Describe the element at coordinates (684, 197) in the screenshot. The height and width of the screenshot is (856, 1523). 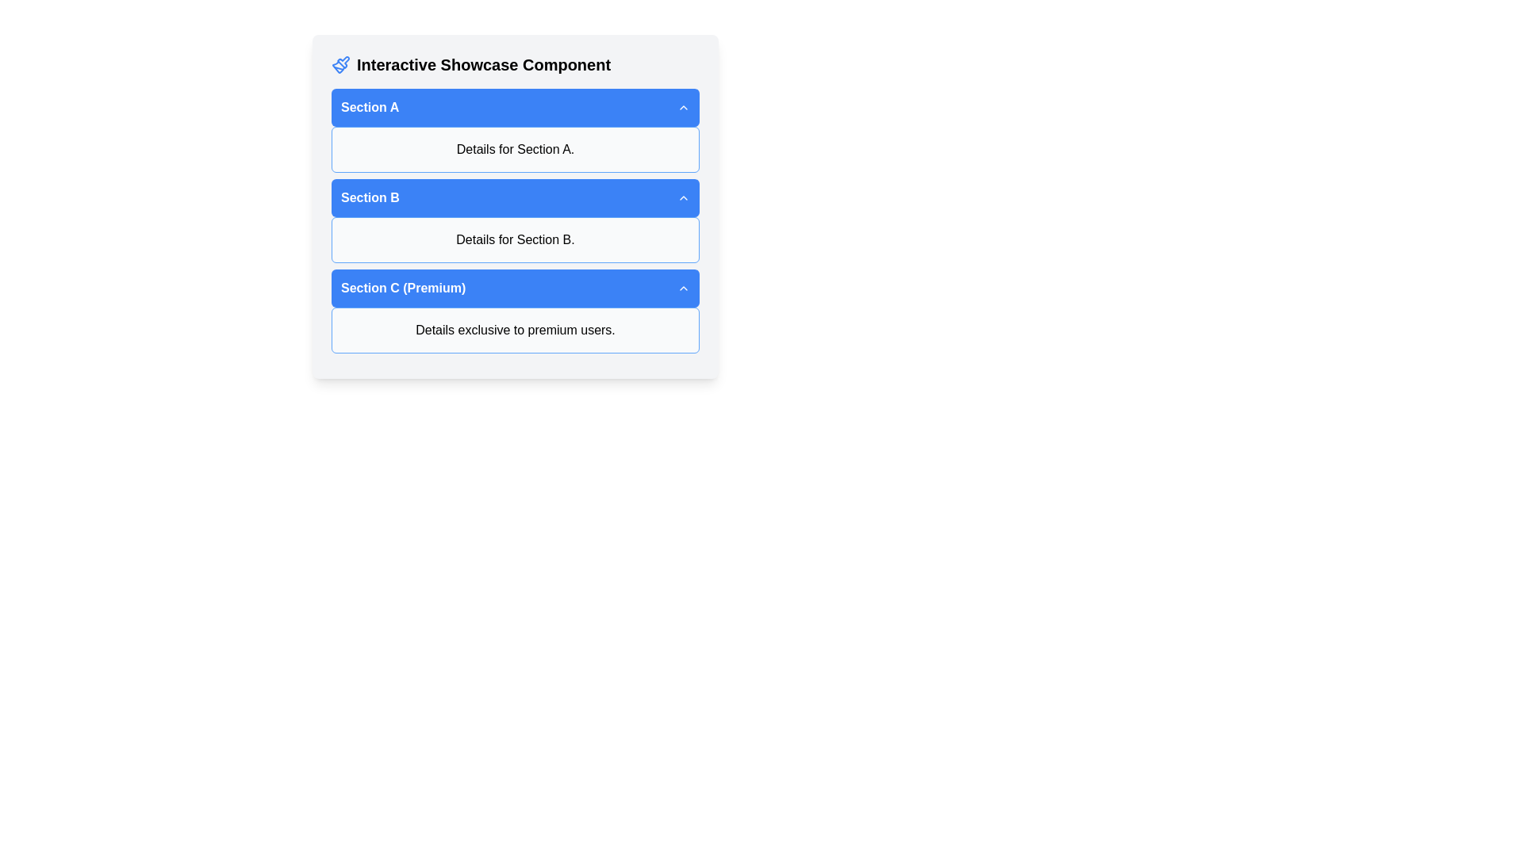
I see `the upward chevron-shaped icon located on the right side of the 'Section B' header` at that location.